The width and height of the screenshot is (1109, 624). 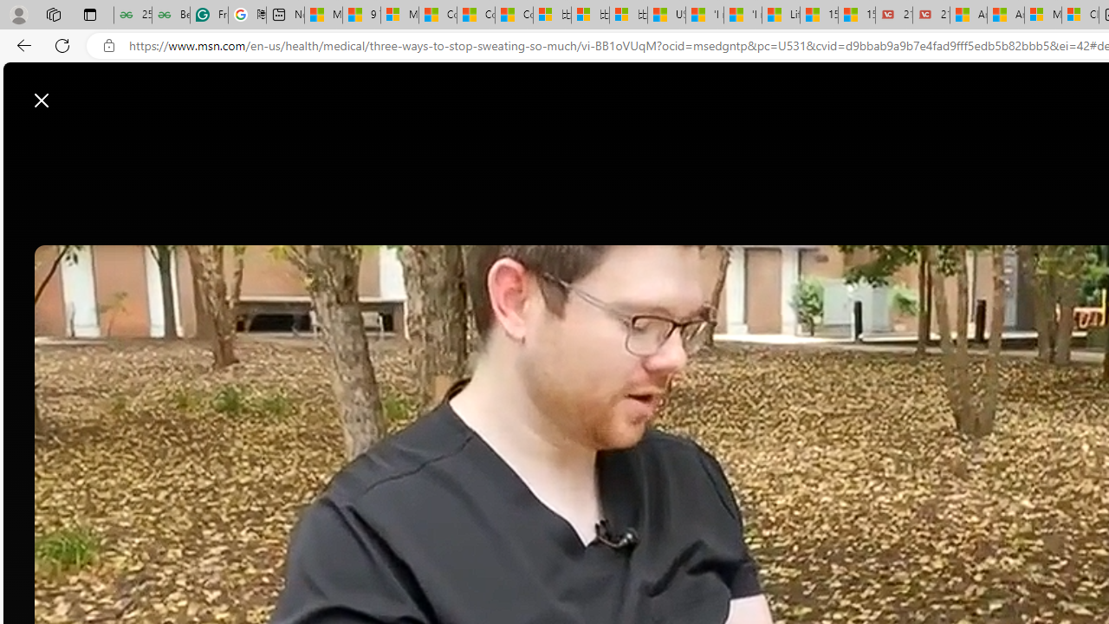 What do you see at coordinates (70, 91) in the screenshot?
I see `'Skip to footer'` at bounding box center [70, 91].